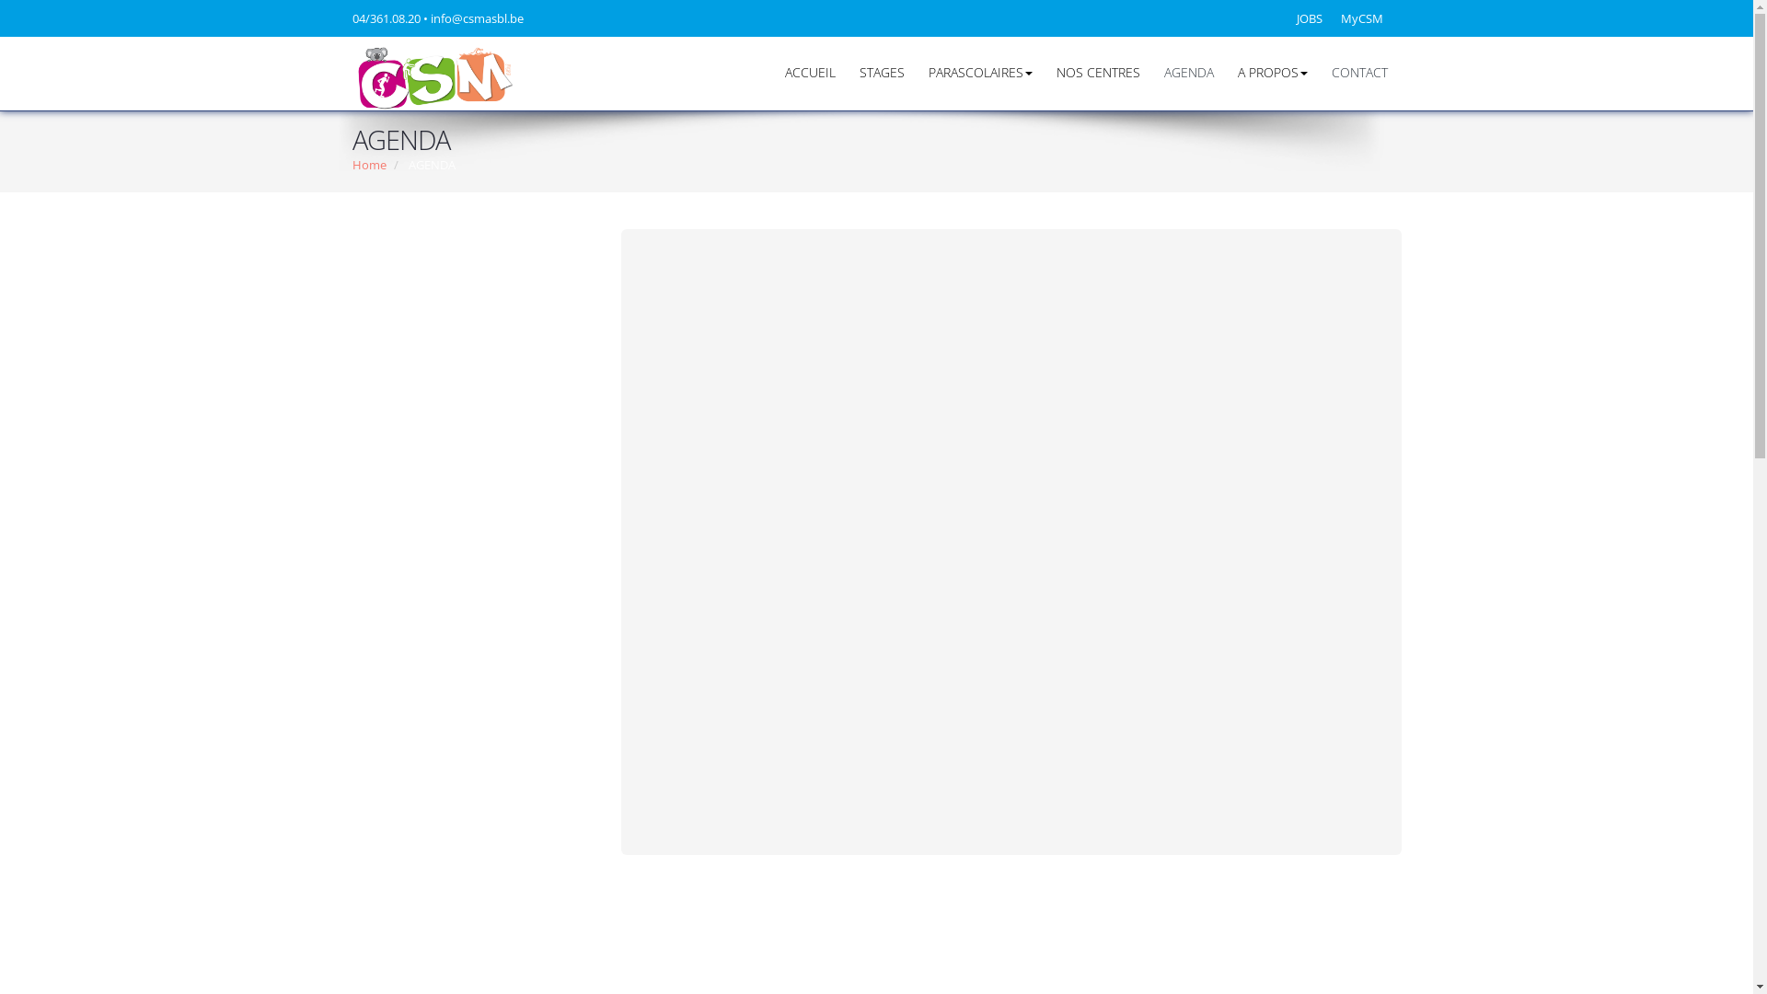  I want to click on 'NOS CENTRES', so click(1097, 71).